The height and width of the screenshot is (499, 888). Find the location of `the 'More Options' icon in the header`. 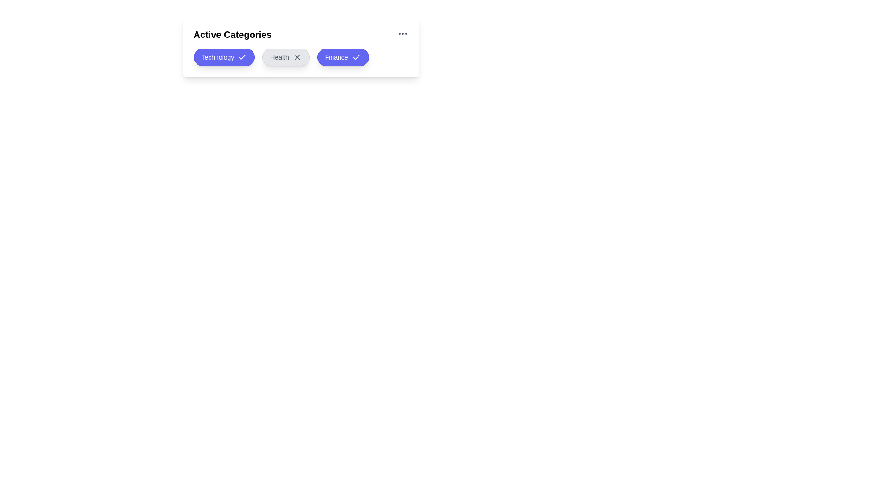

the 'More Options' icon in the header is located at coordinates (402, 33).